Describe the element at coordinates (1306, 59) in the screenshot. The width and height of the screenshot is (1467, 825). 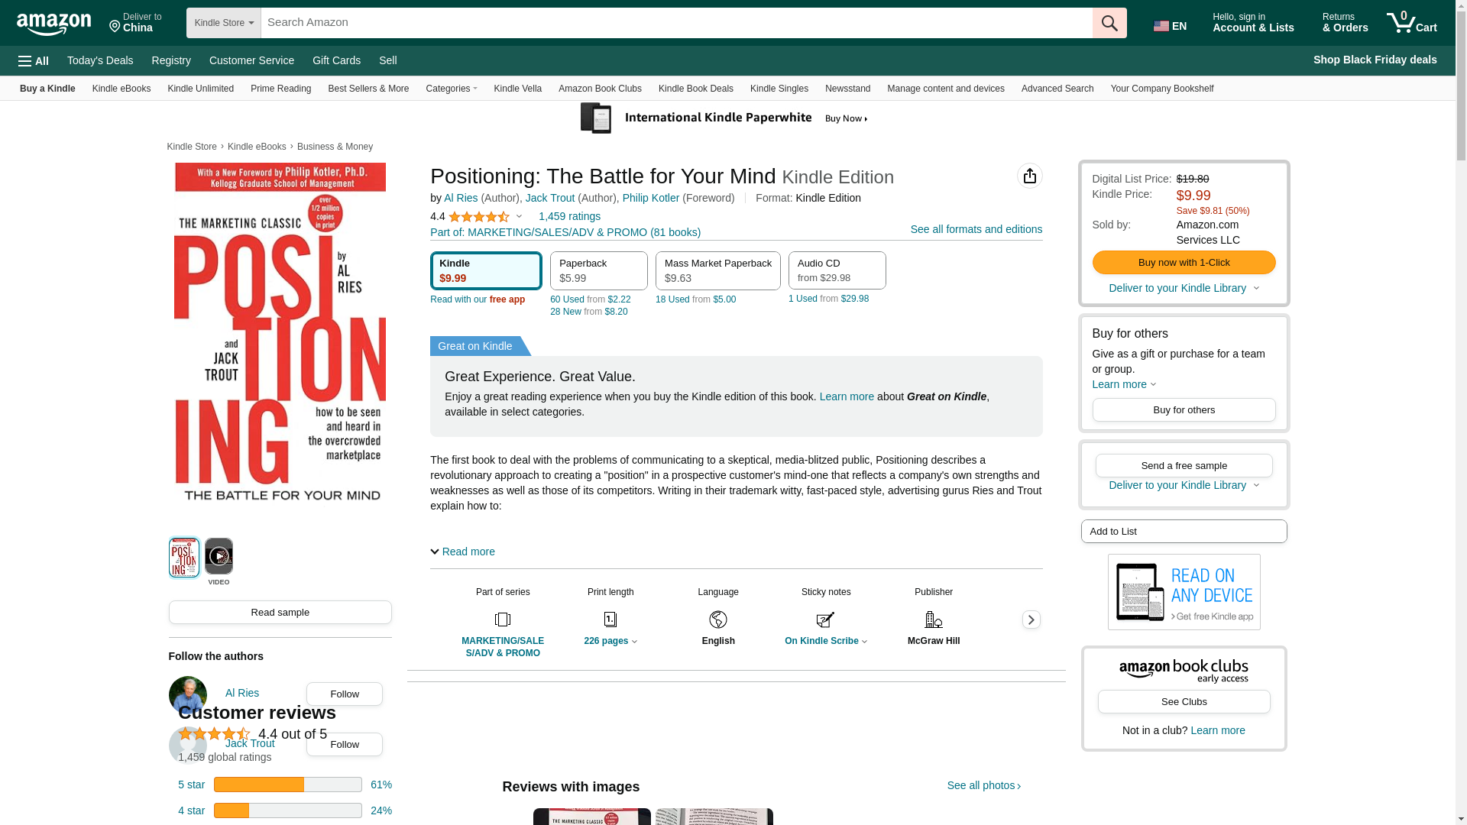
I see `'Shop Black Friday deals'` at that location.